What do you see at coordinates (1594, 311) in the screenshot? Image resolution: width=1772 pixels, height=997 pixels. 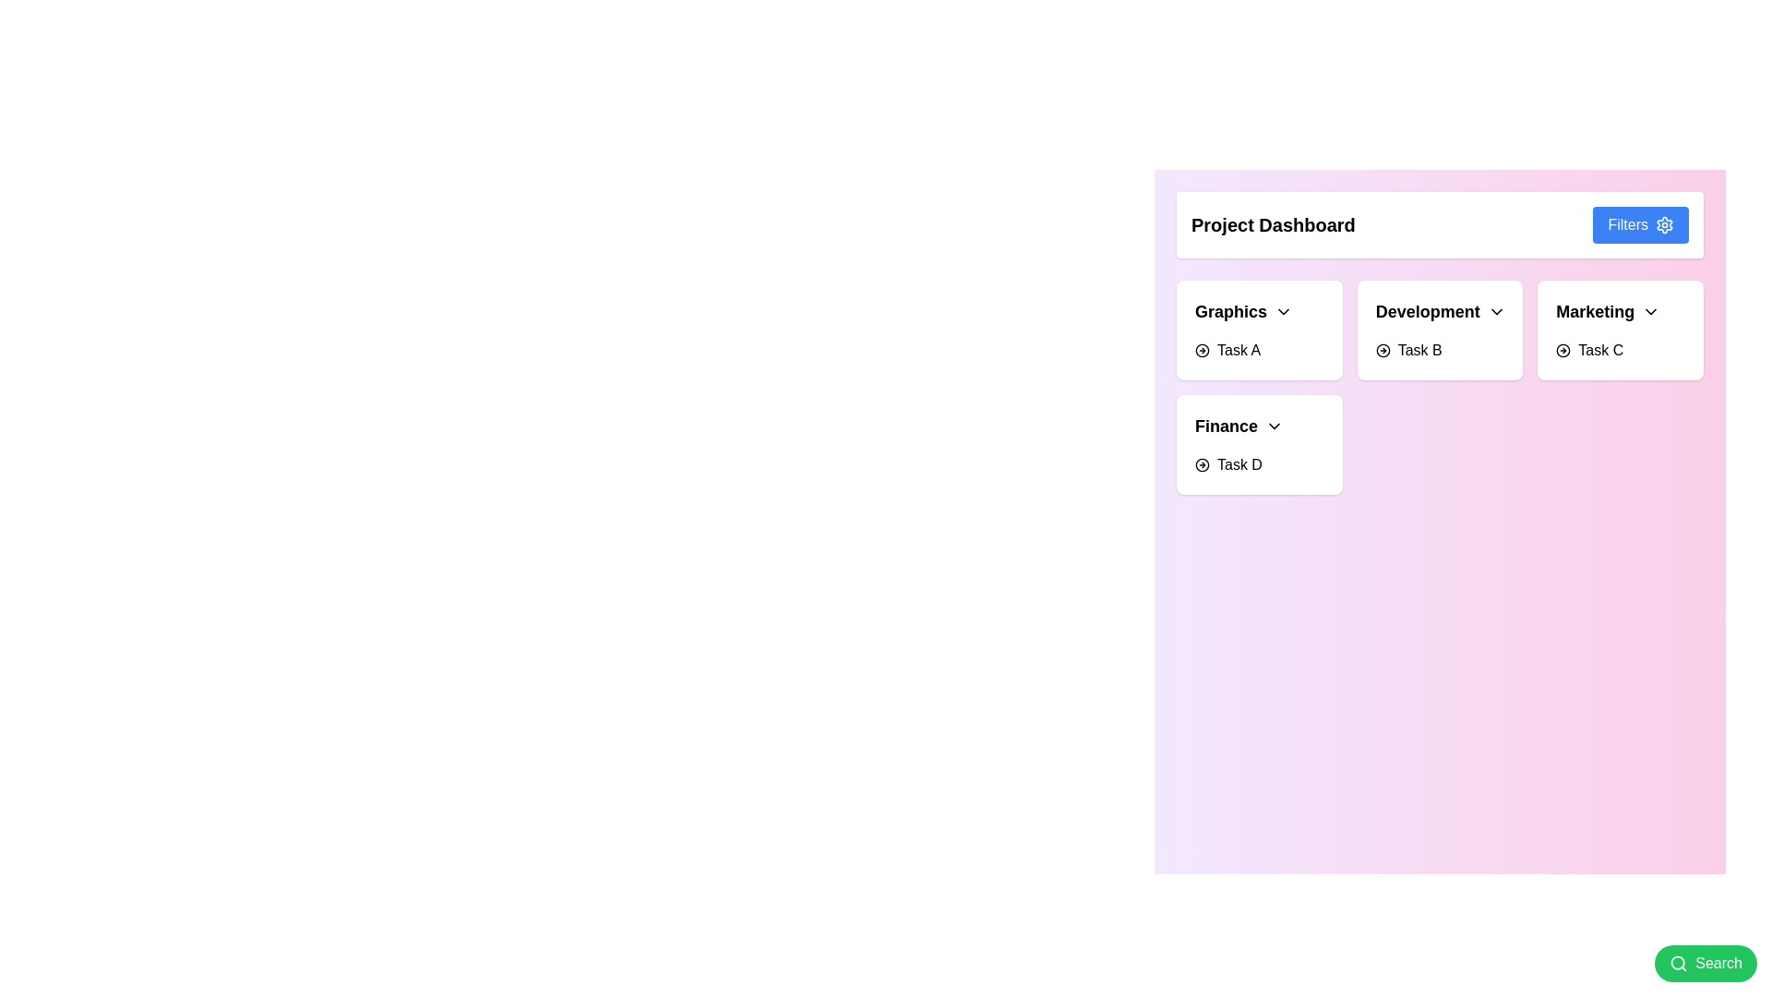 I see `the 'Marketing' text label in the top-right card of the 2x2 grid` at bounding box center [1594, 311].